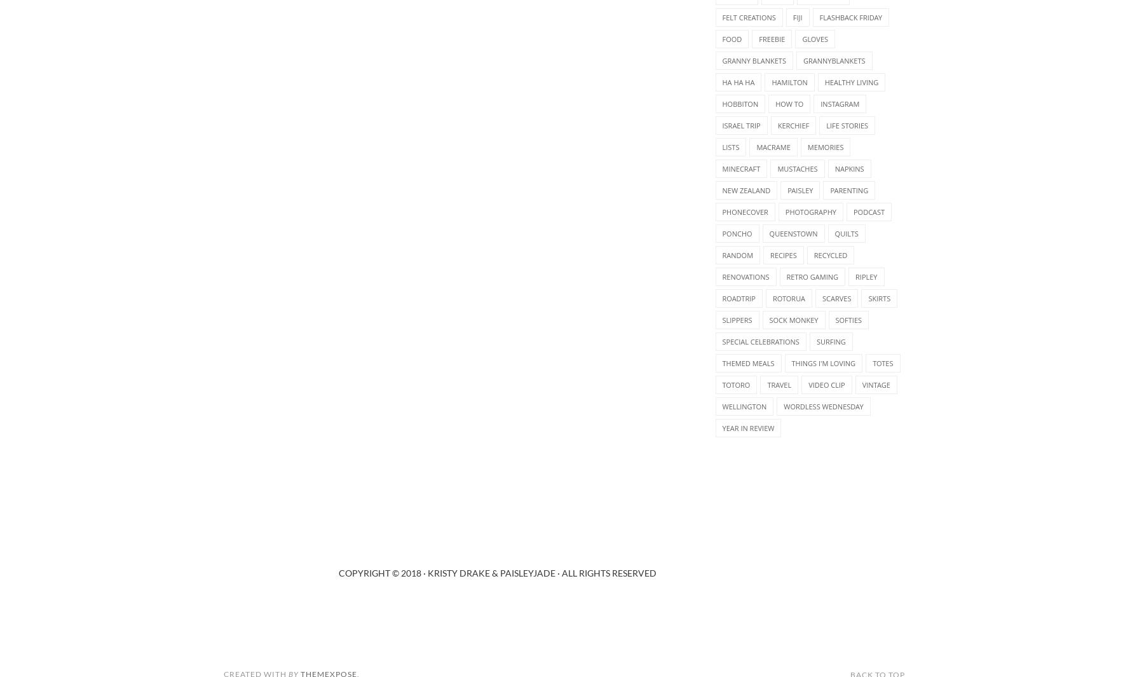 The width and height of the screenshot is (1130, 677). Describe the element at coordinates (737, 233) in the screenshot. I see `'poncho'` at that location.